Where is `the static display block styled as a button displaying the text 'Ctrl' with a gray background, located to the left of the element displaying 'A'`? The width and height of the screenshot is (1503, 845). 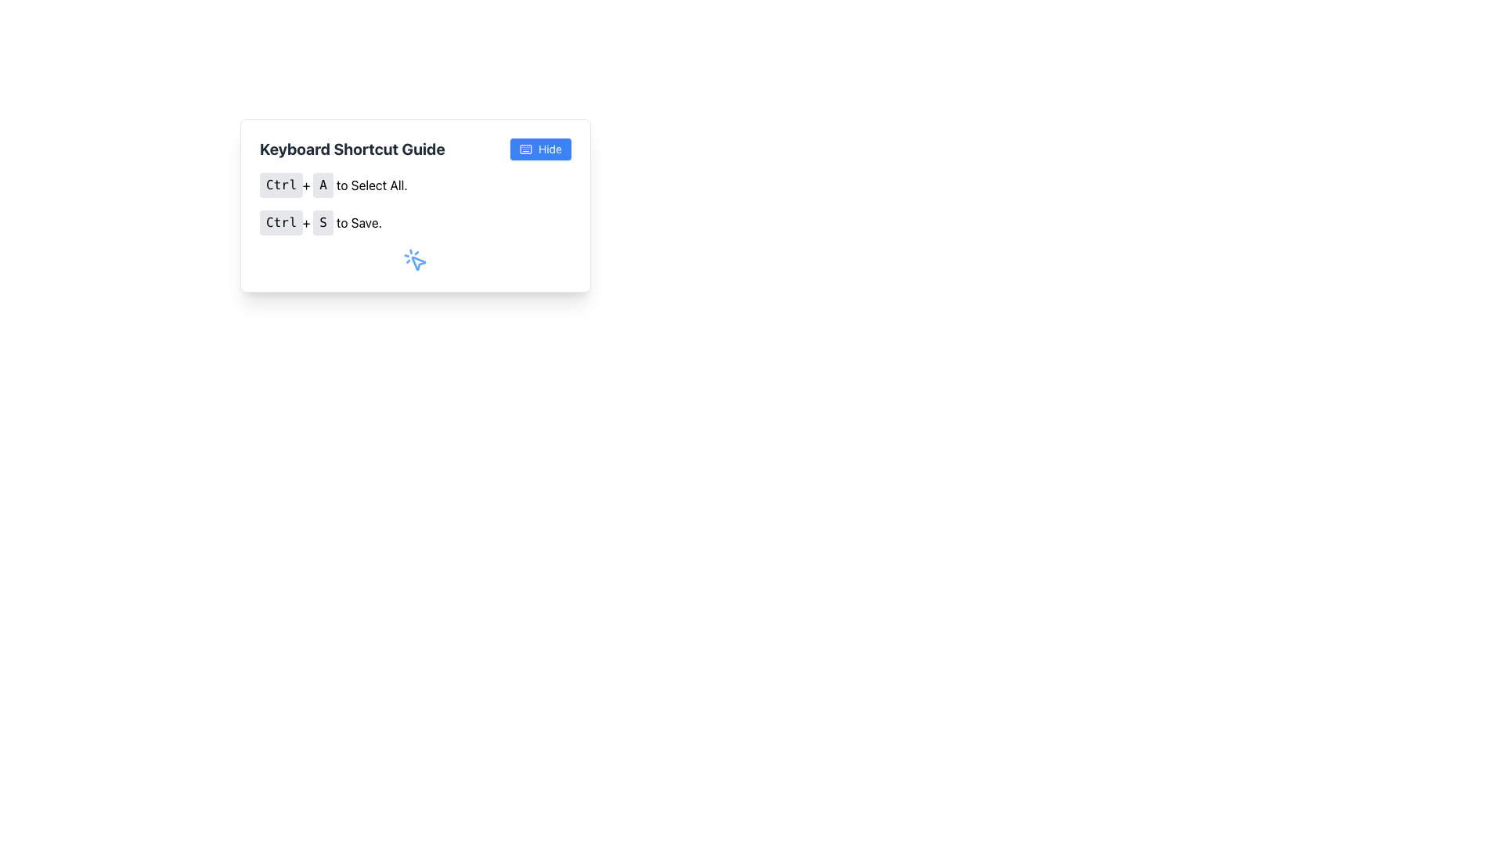 the static display block styled as a button displaying the text 'Ctrl' with a gray background, located to the left of the element displaying 'A' is located at coordinates (281, 184).